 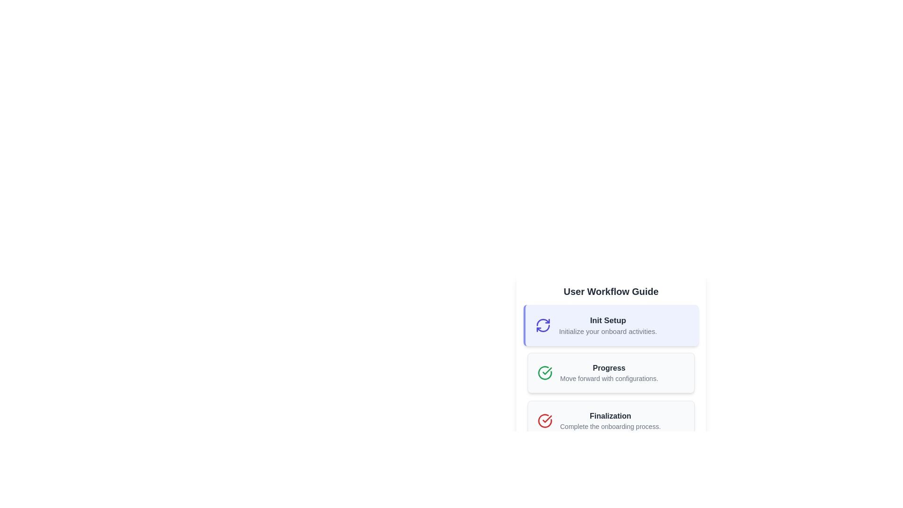 What do you see at coordinates (610, 420) in the screenshot?
I see `the 'Finalization' step indicator in the workflow guide` at bounding box center [610, 420].